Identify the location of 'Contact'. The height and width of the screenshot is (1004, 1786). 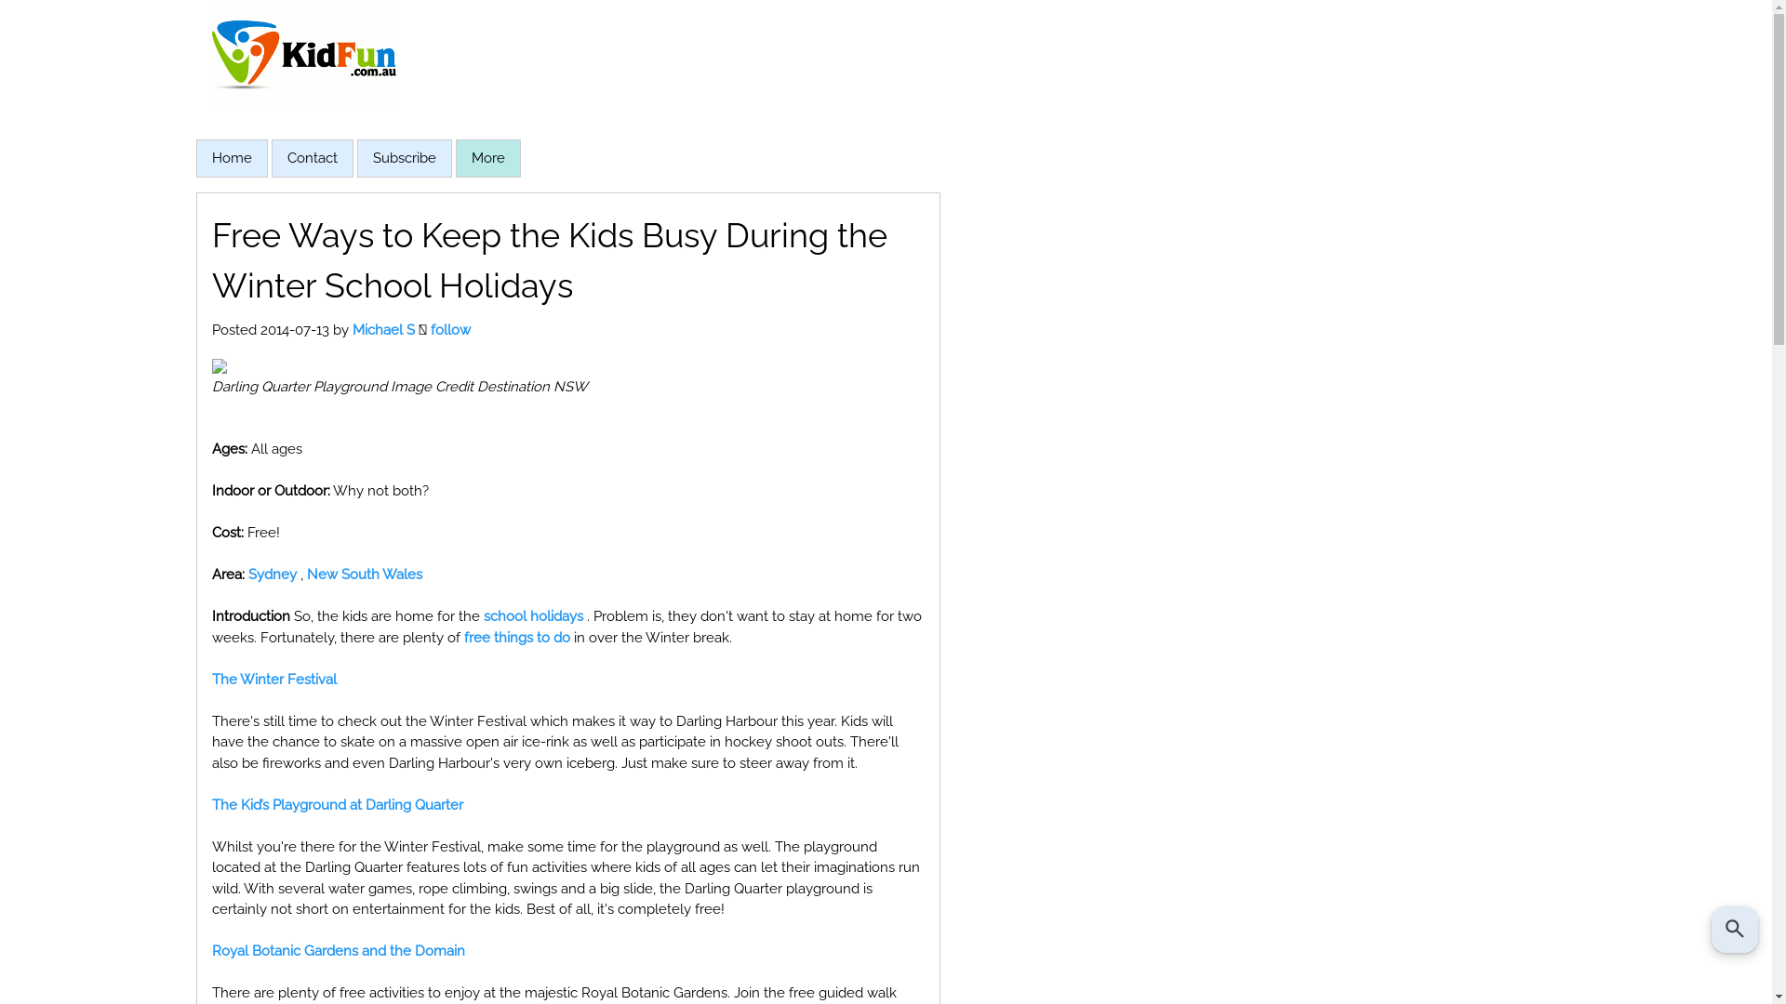
(285, 156).